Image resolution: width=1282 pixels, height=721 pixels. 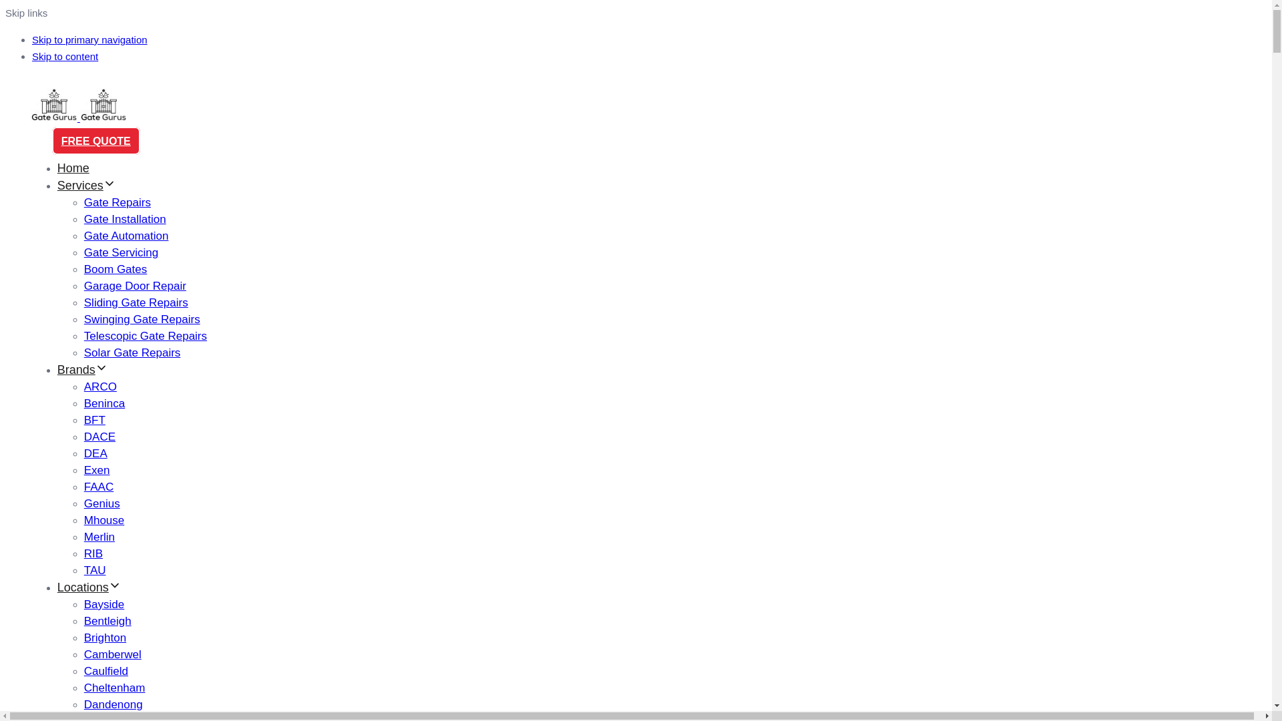 What do you see at coordinates (83, 202) in the screenshot?
I see `'Gate Repairs'` at bounding box center [83, 202].